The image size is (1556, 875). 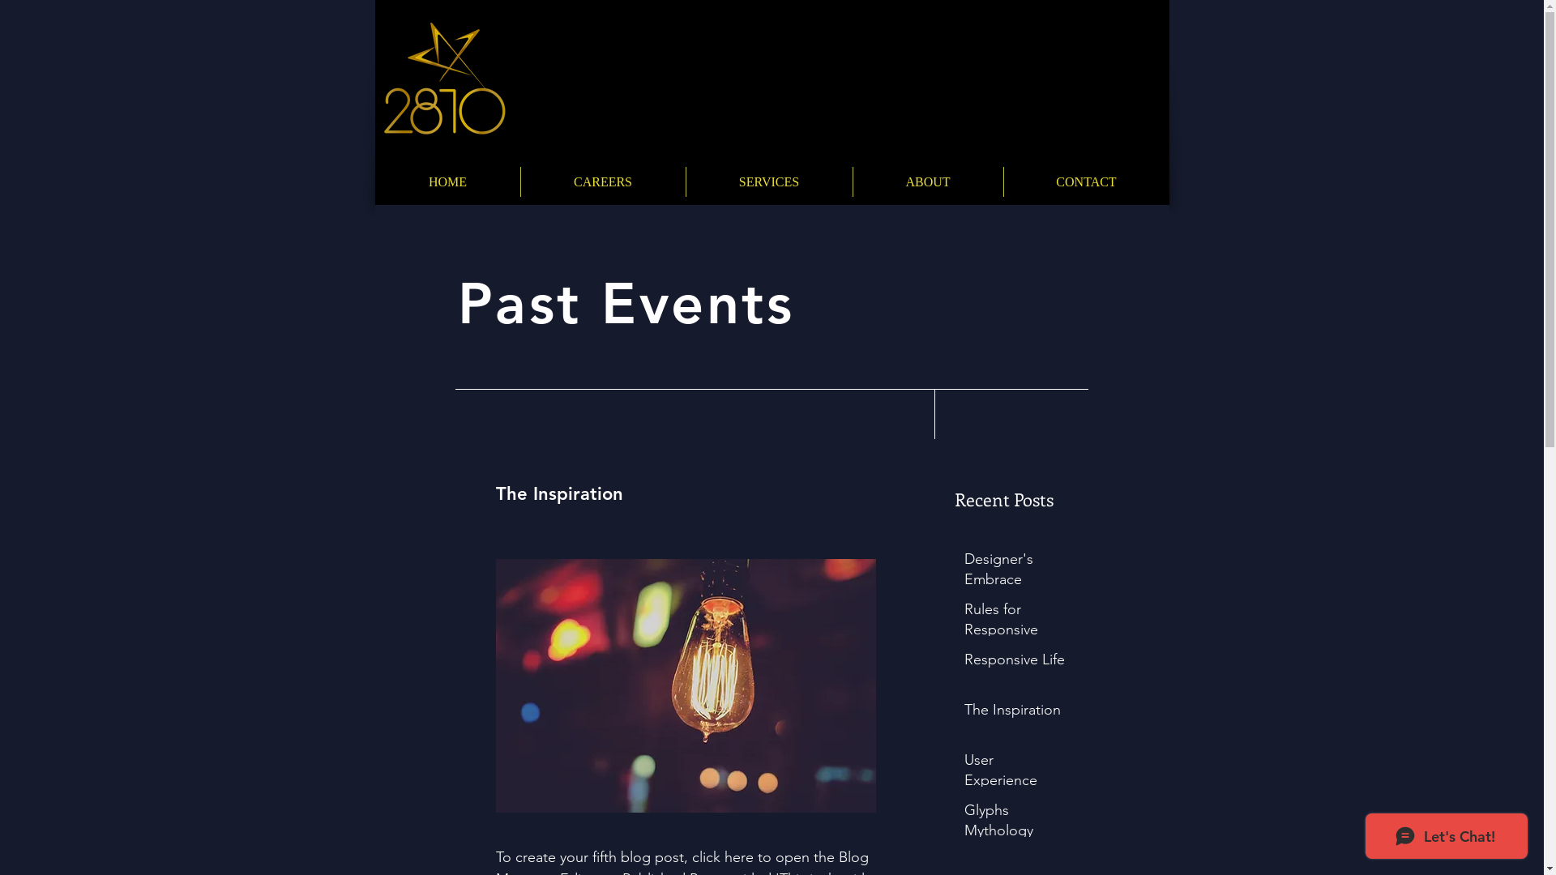 What do you see at coordinates (442, 78) in the screenshot?
I see `'2810_edited.jpg'` at bounding box center [442, 78].